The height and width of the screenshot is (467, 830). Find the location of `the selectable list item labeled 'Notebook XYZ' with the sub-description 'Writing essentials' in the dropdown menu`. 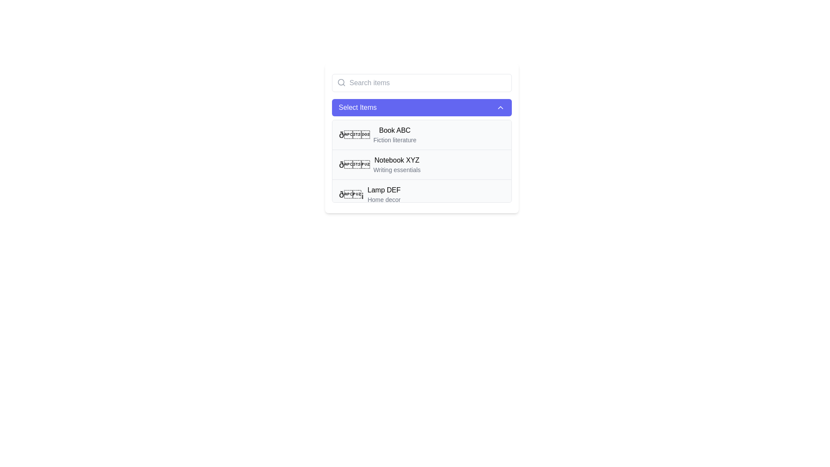

the selectable list item labeled 'Notebook XYZ' with the sub-description 'Writing essentials' in the dropdown menu is located at coordinates (380, 165).